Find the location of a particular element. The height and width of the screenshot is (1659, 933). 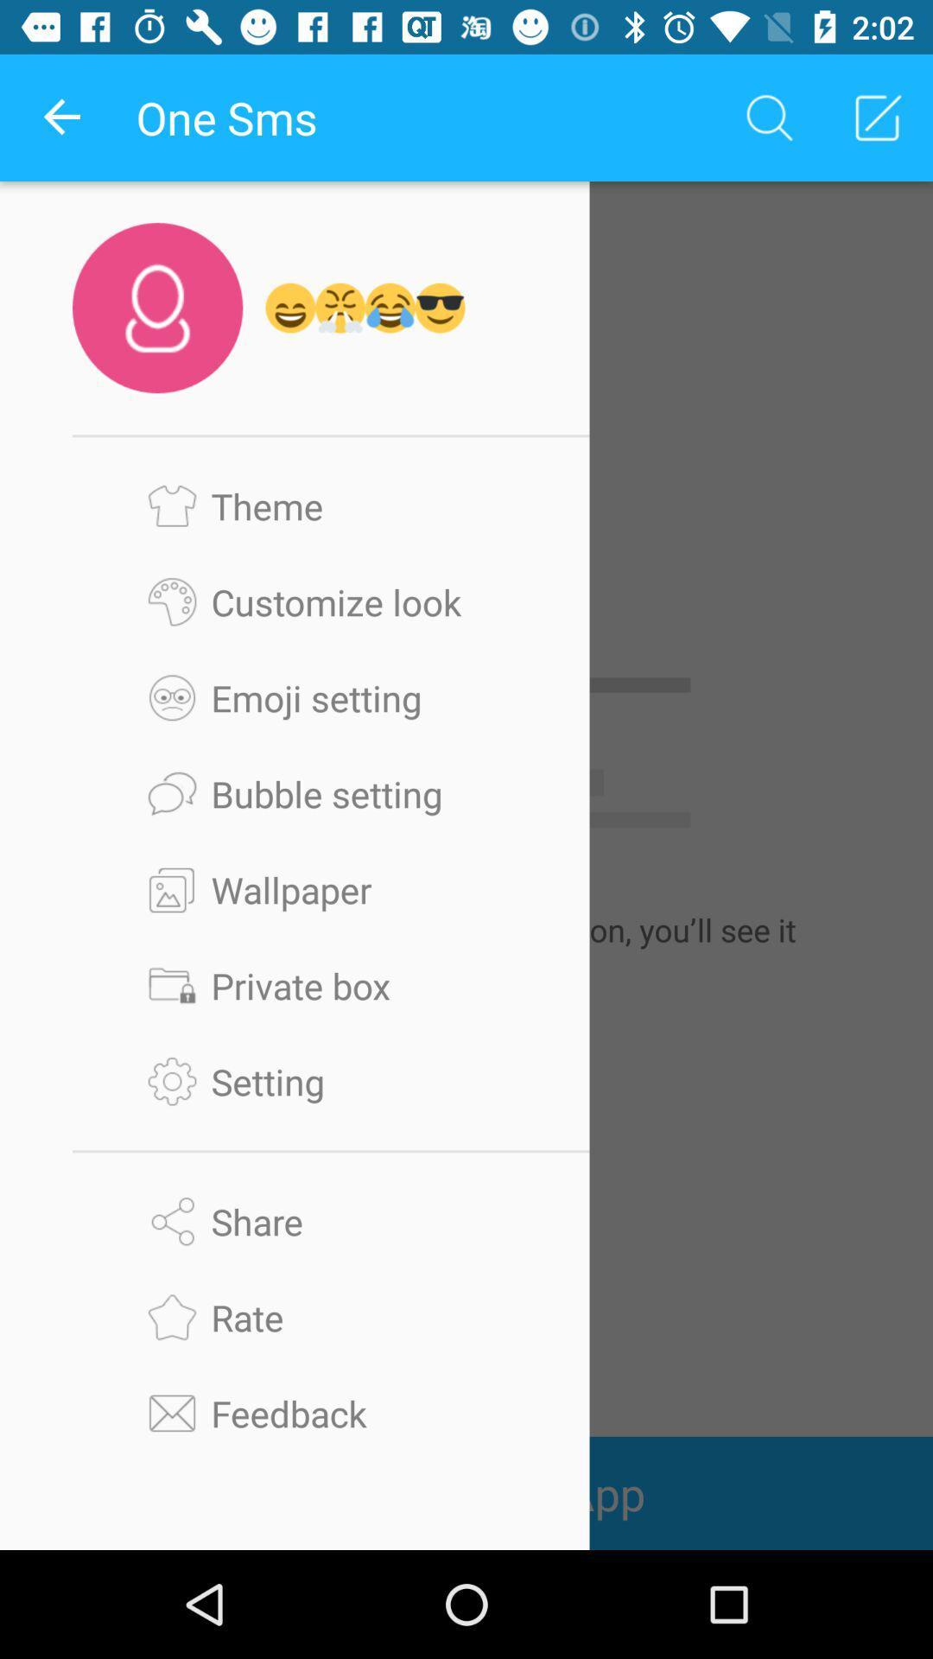

setting options is located at coordinates (331, 1080).